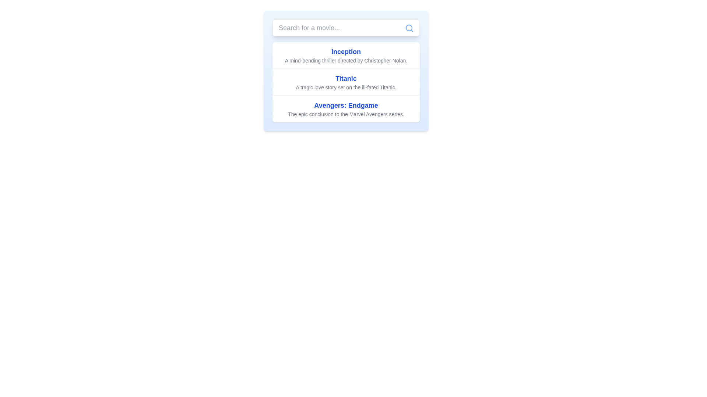 The height and width of the screenshot is (397, 707). What do you see at coordinates (346, 51) in the screenshot?
I see `the Text display element that shows the title 'Inception' in bold blue font, positioned at the top of the movie titles list` at bounding box center [346, 51].